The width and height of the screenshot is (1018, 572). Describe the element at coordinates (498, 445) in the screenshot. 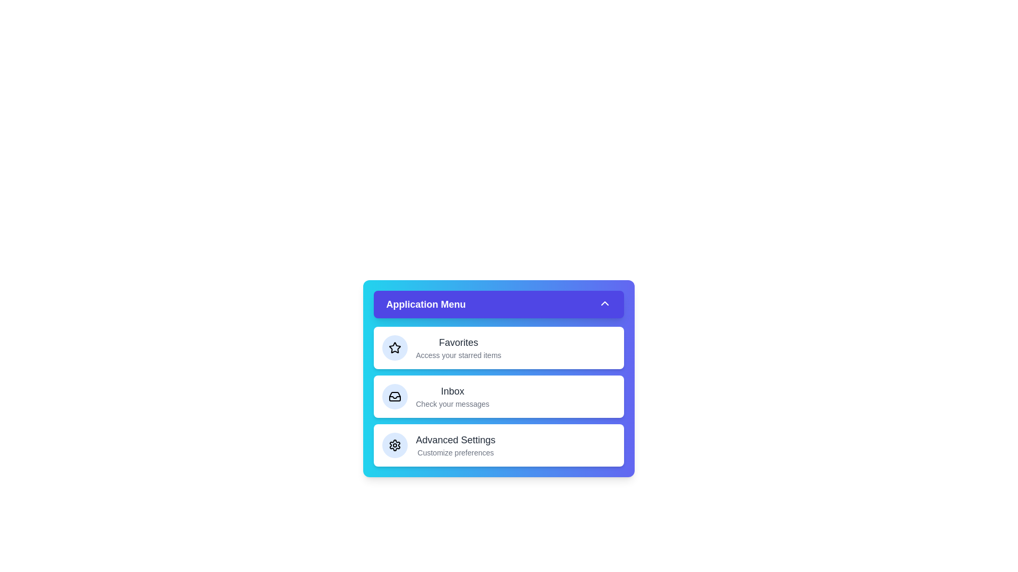

I see `the menu item Advanced Settings` at that location.